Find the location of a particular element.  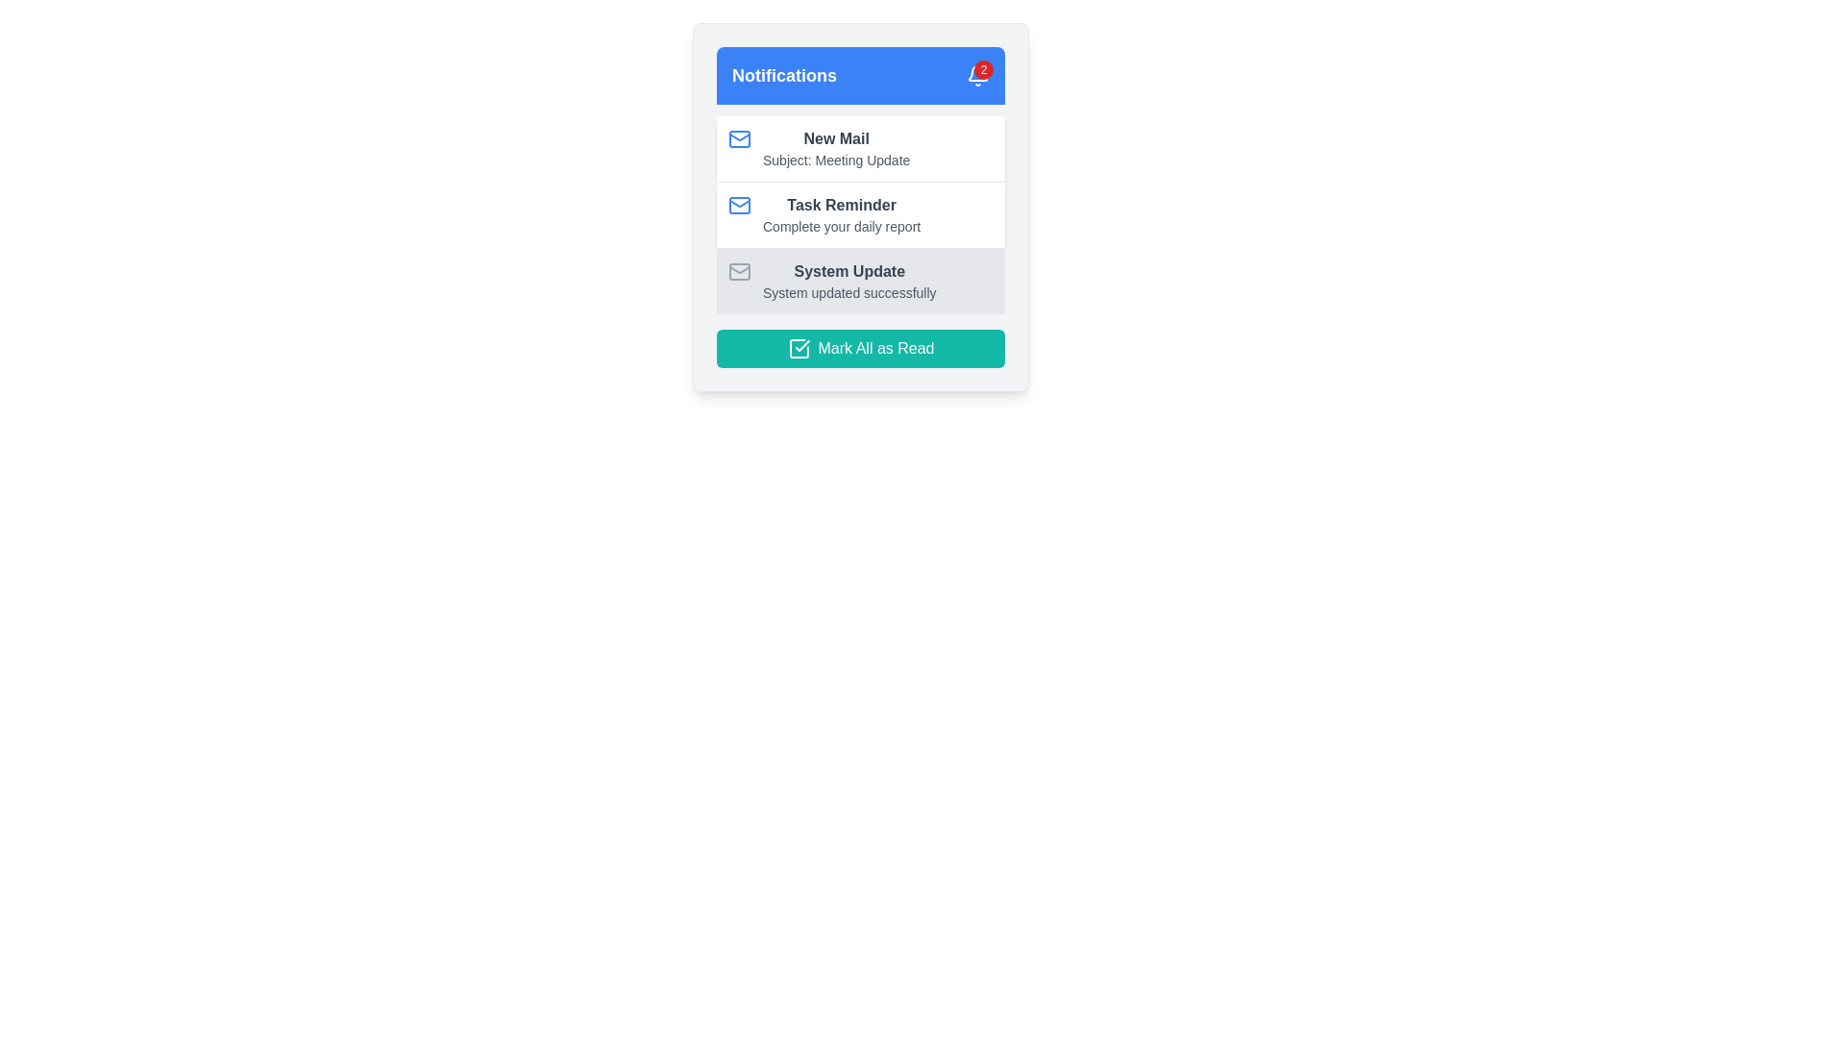

the square icon with rounded corners and a checkmark inside, located within the 'Mark All as Read' button is located at coordinates (799, 348).